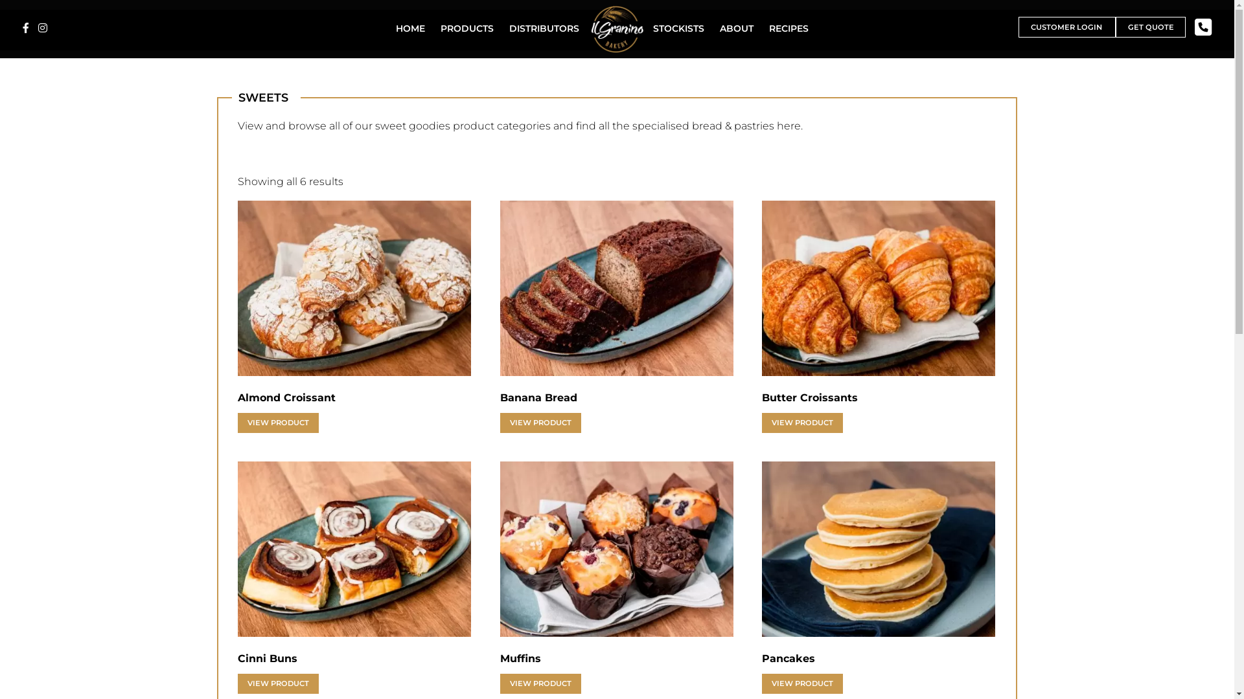 The image size is (1244, 699). Describe the element at coordinates (1017, 27) in the screenshot. I see `'CUSTOMER LOGIN'` at that location.